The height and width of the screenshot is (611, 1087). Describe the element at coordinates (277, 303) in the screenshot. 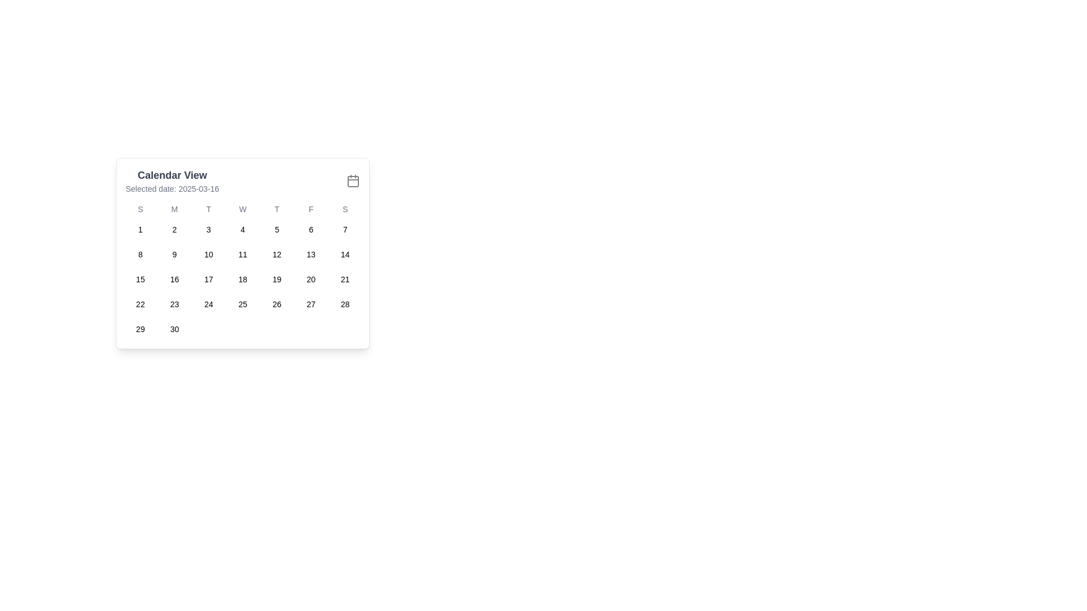

I see `the rounded rectangular button containing the number '26' in the calendar grid` at that location.